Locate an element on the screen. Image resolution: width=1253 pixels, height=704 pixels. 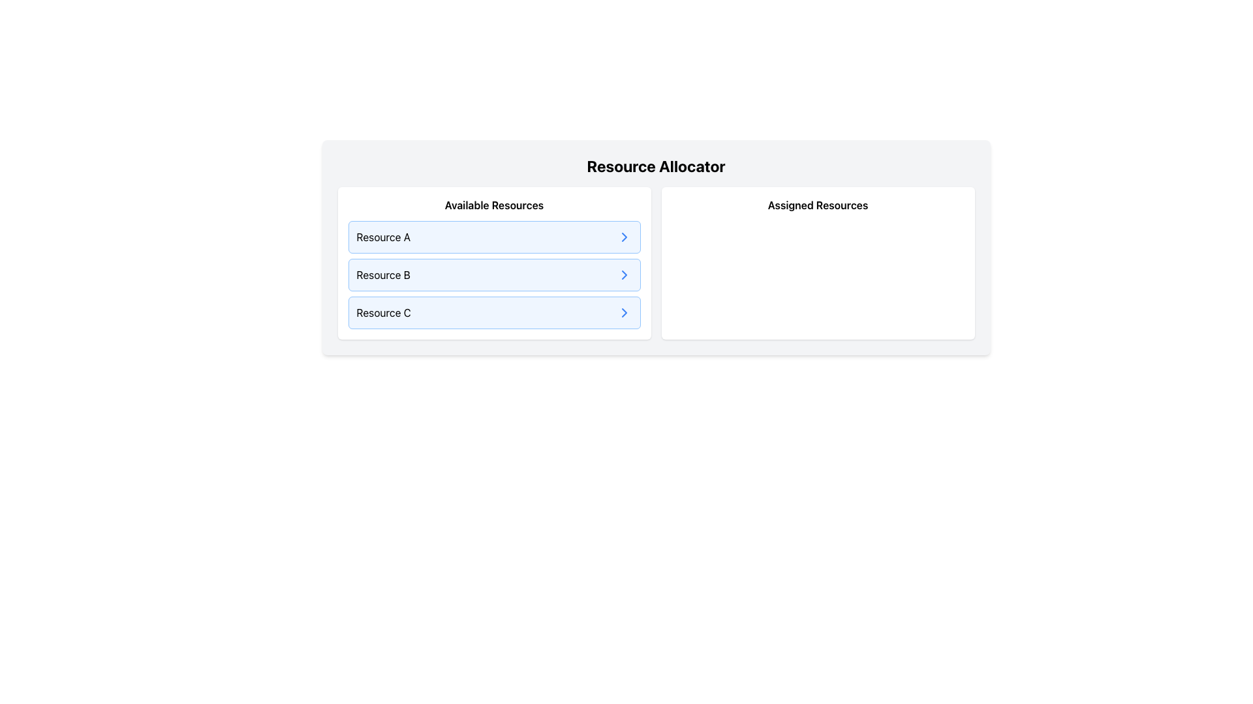
the rightward arrow icon button embedded in the card labeled 'Resource C' is located at coordinates (623, 312).